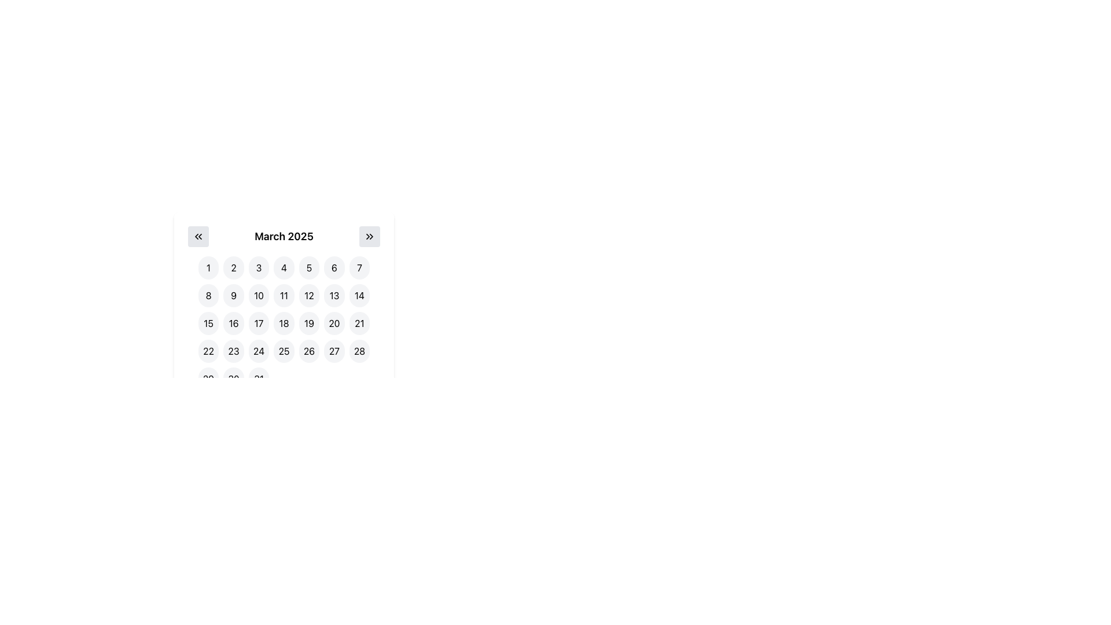 This screenshot has width=1111, height=625. Describe the element at coordinates (309, 267) in the screenshot. I see `the button for '5th March 2025' in the calendar UI` at that location.